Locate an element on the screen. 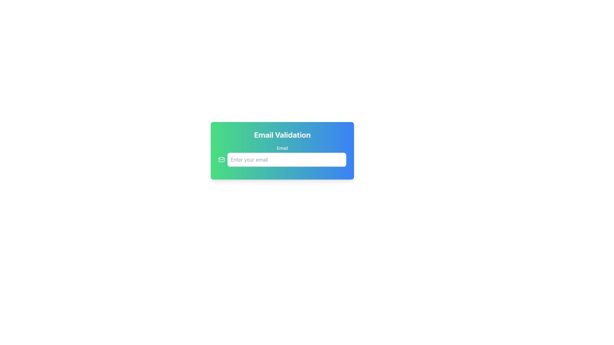 The image size is (614, 345). the email input field icon, which is located to the left of the email address input field, to enhance user recognition is located at coordinates (221, 159).